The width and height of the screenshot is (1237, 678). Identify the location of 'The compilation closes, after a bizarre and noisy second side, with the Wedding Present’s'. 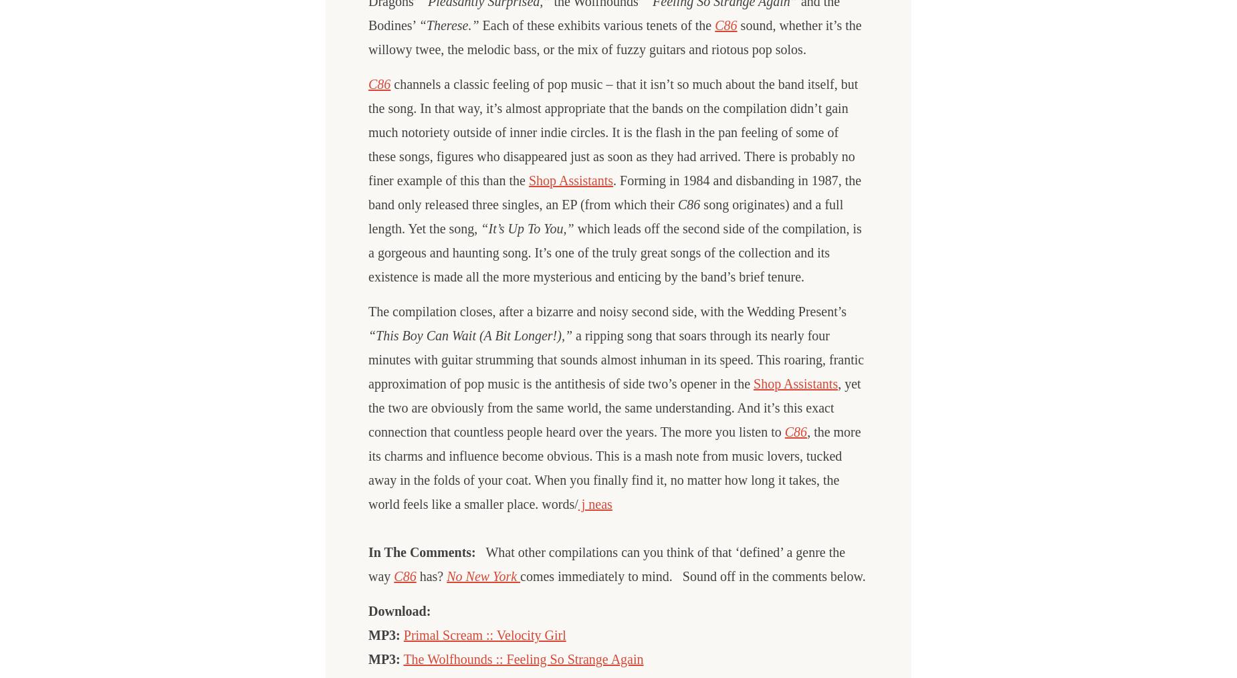
(607, 312).